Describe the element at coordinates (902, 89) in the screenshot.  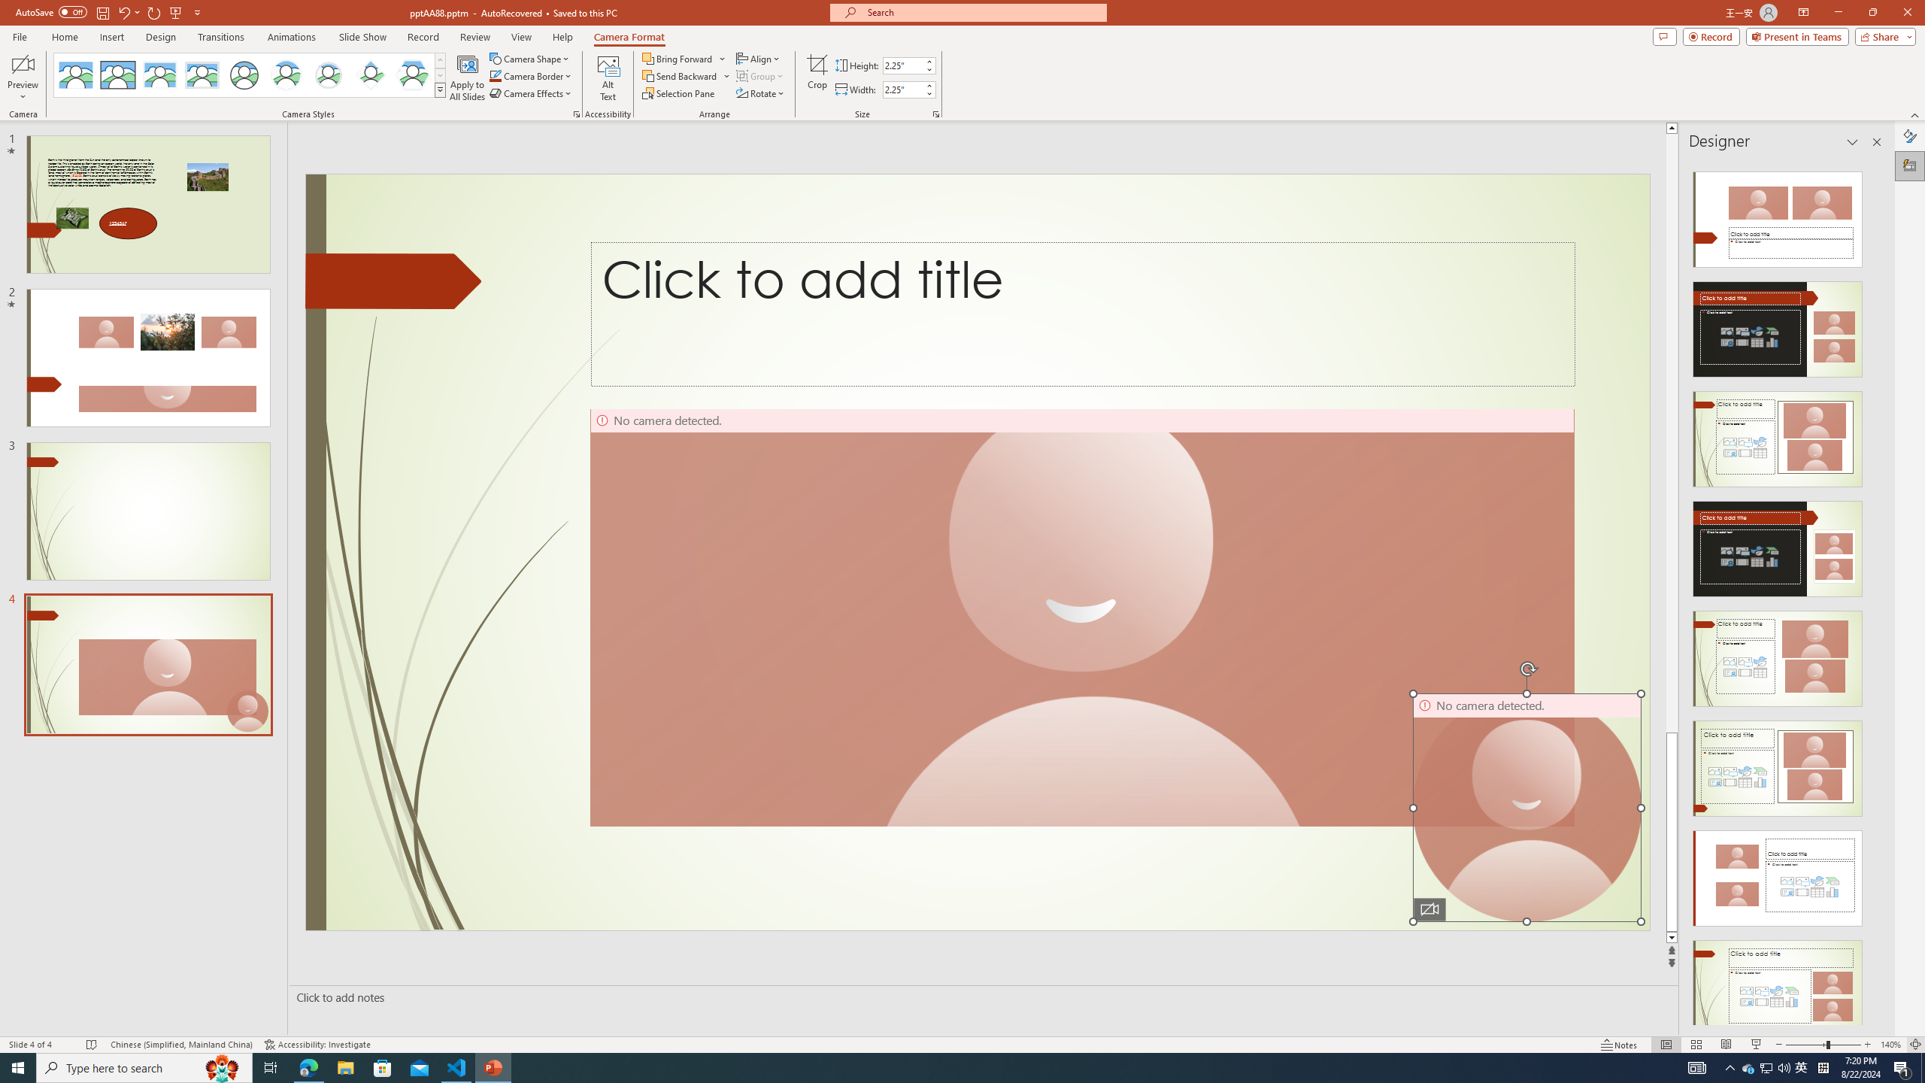
I see `'Cameo Width'` at that location.